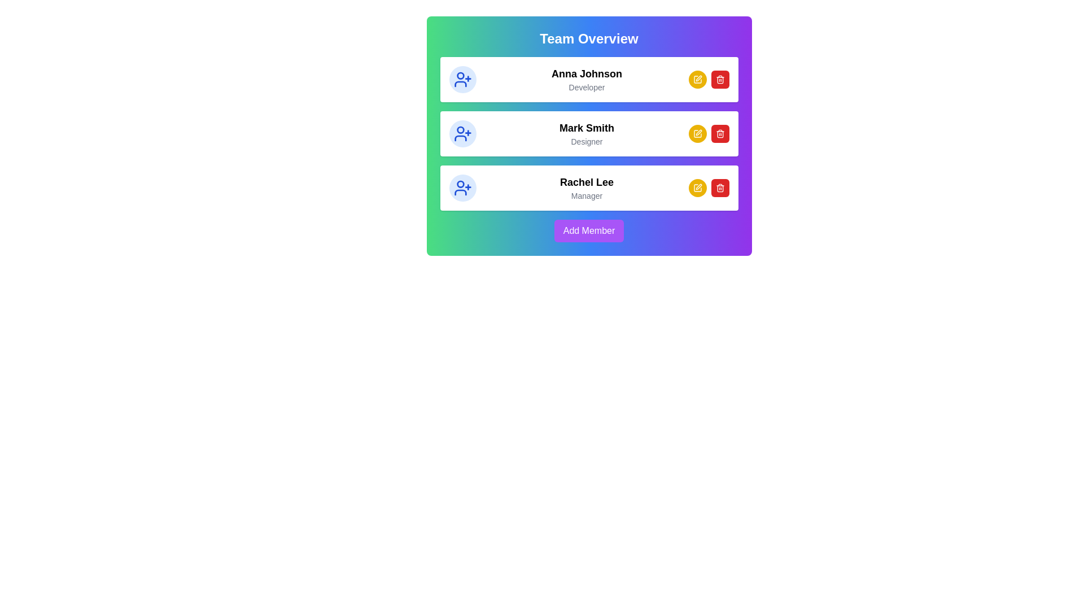 The image size is (1084, 610). I want to click on the leftmost circular button with a yellow background and a white pen icon in the 'Mark Smith, Designer' row, so click(697, 133).